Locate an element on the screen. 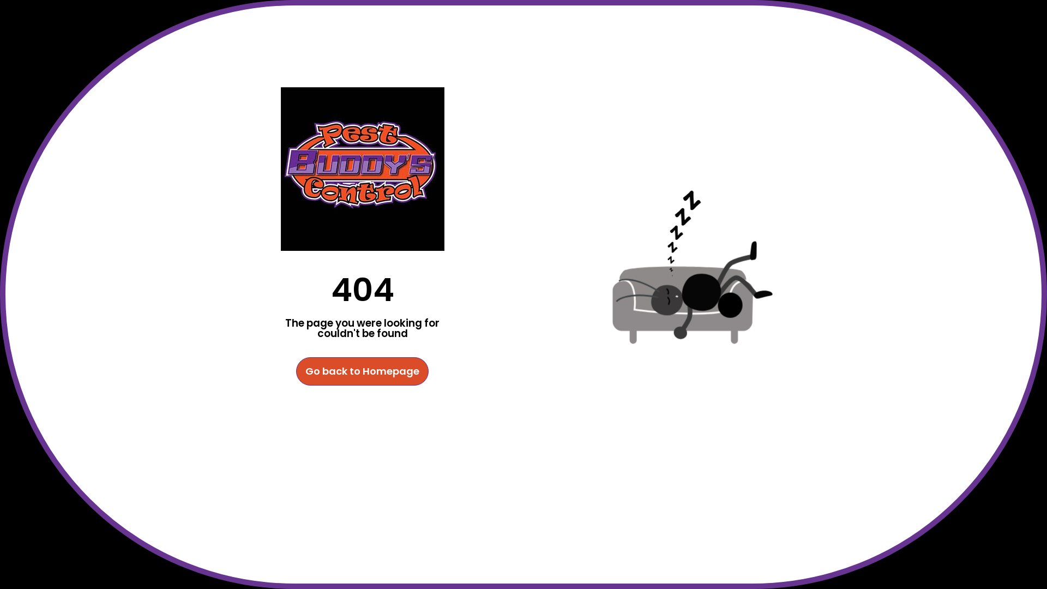  'Go back to Homepage' is located at coordinates (362, 371).